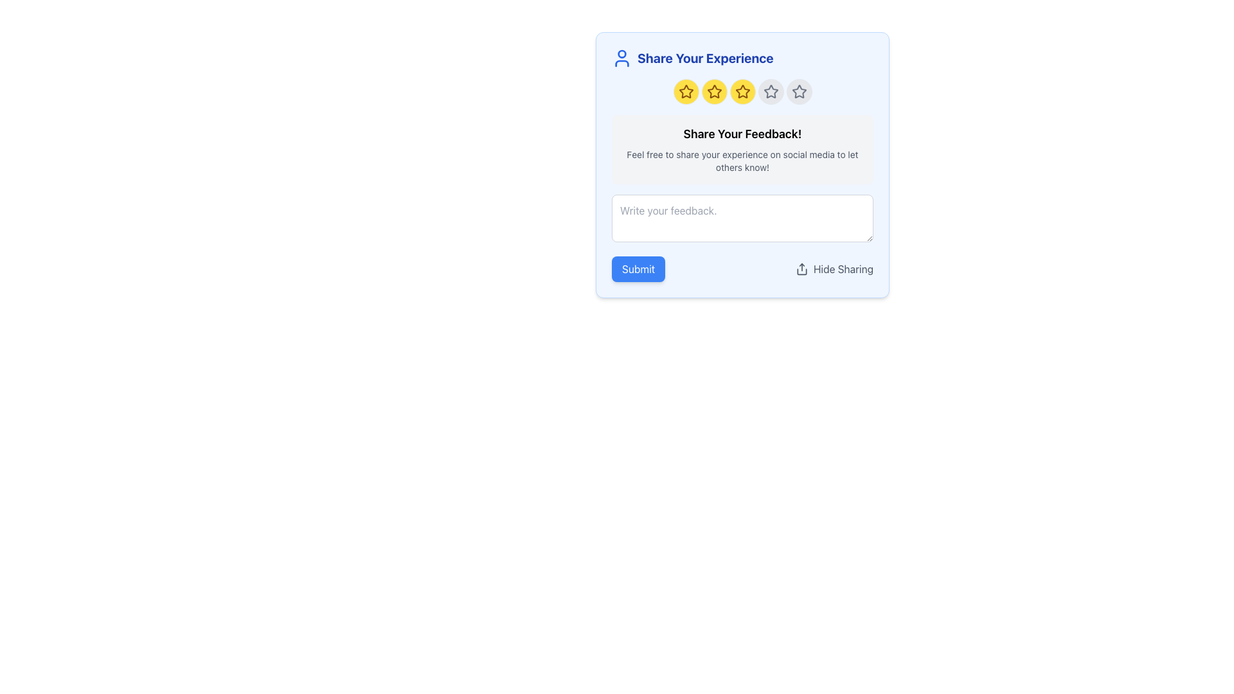 The height and width of the screenshot is (694, 1234). What do you see at coordinates (798, 91) in the screenshot?
I see `the fifth star-shaped icon with a gray border` at bounding box center [798, 91].